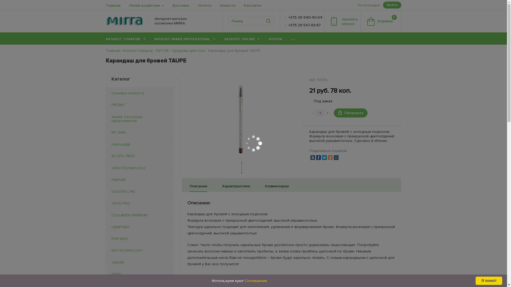 The height and width of the screenshot is (287, 511). Describe the element at coordinates (292, 38) in the screenshot. I see `'...'` at that location.